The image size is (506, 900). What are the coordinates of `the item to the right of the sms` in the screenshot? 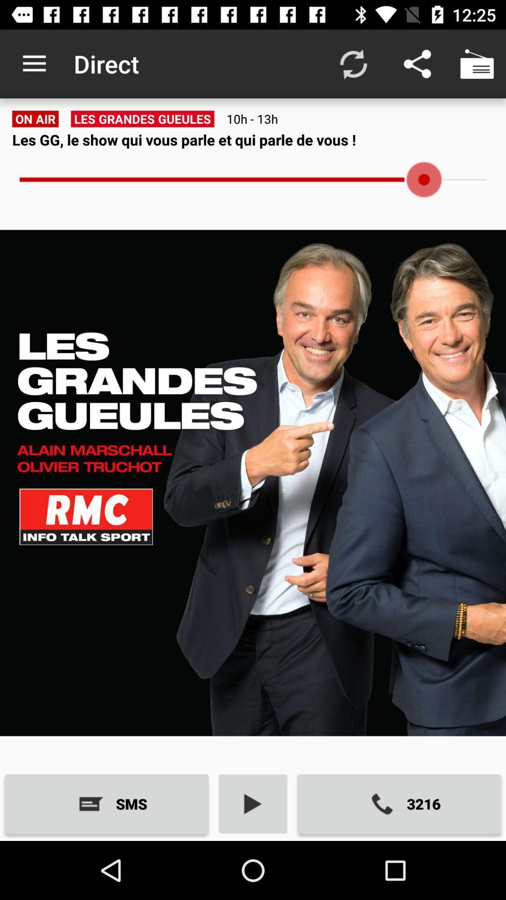 It's located at (253, 803).